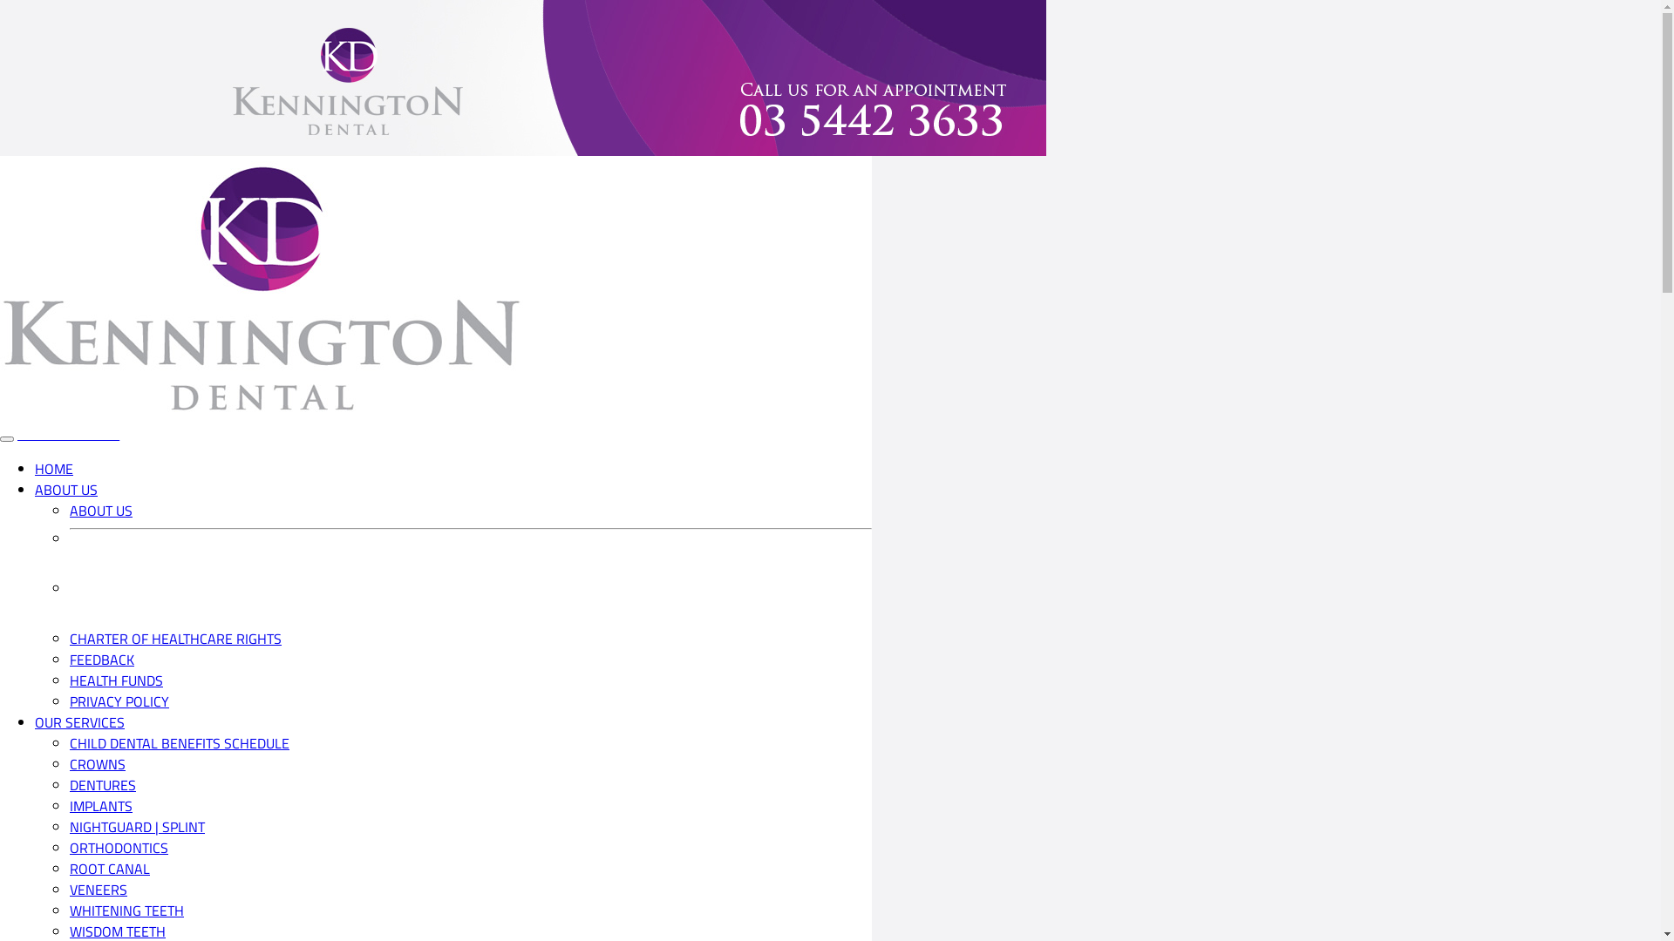 This screenshot has height=941, width=1674. What do you see at coordinates (102, 785) in the screenshot?
I see `'DENTURES'` at bounding box center [102, 785].